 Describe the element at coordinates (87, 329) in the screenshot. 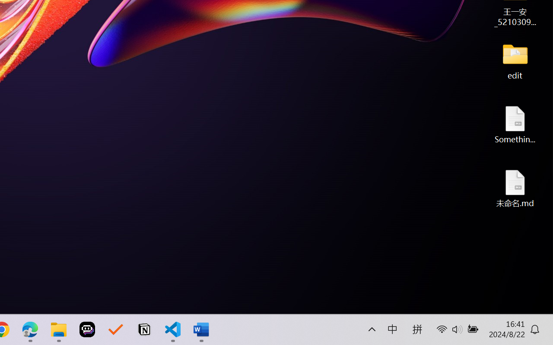

I see `'Poe'` at that location.